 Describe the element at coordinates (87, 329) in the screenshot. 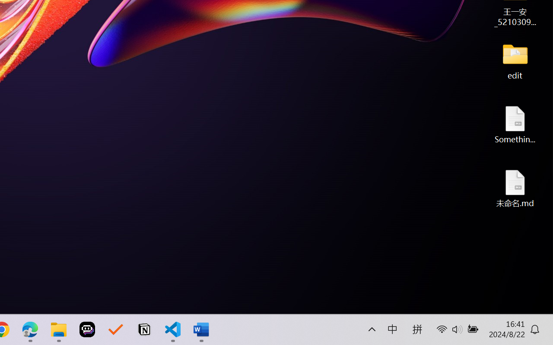

I see `'Poe'` at that location.